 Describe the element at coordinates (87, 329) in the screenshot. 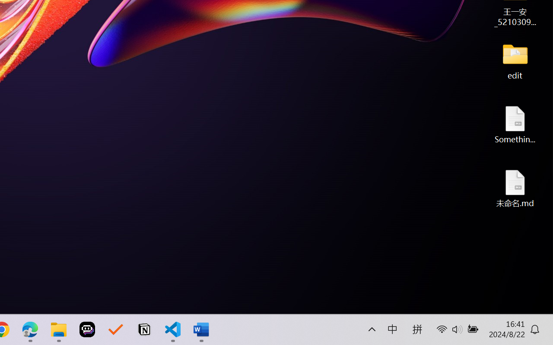

I see `'Poe'` at that location.